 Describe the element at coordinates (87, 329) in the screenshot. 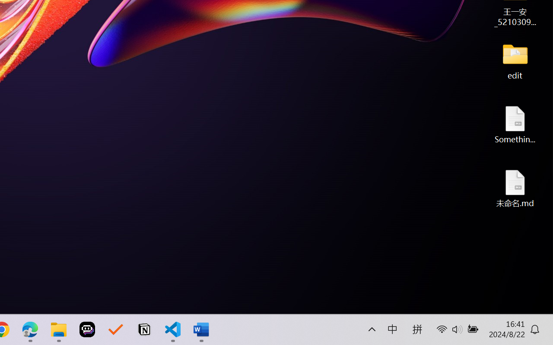

I see `'Poe'` at that location.